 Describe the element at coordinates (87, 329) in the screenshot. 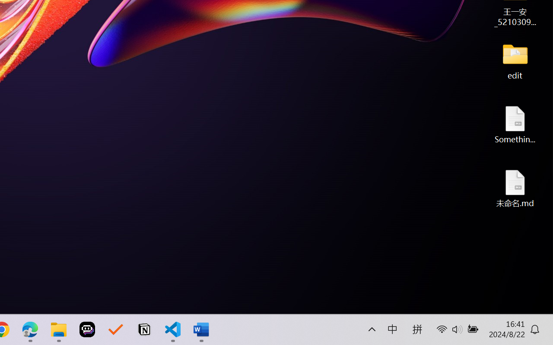

I see `'Poe'` at that location.